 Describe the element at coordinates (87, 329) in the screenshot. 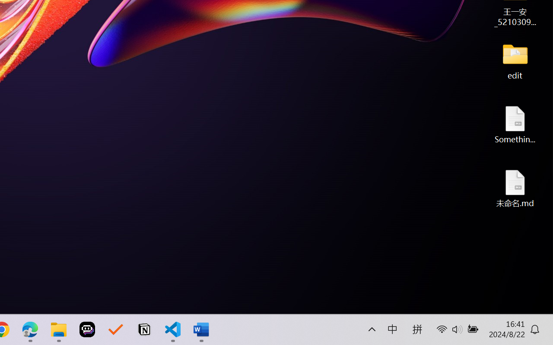

I see `'Poe'` at that location.